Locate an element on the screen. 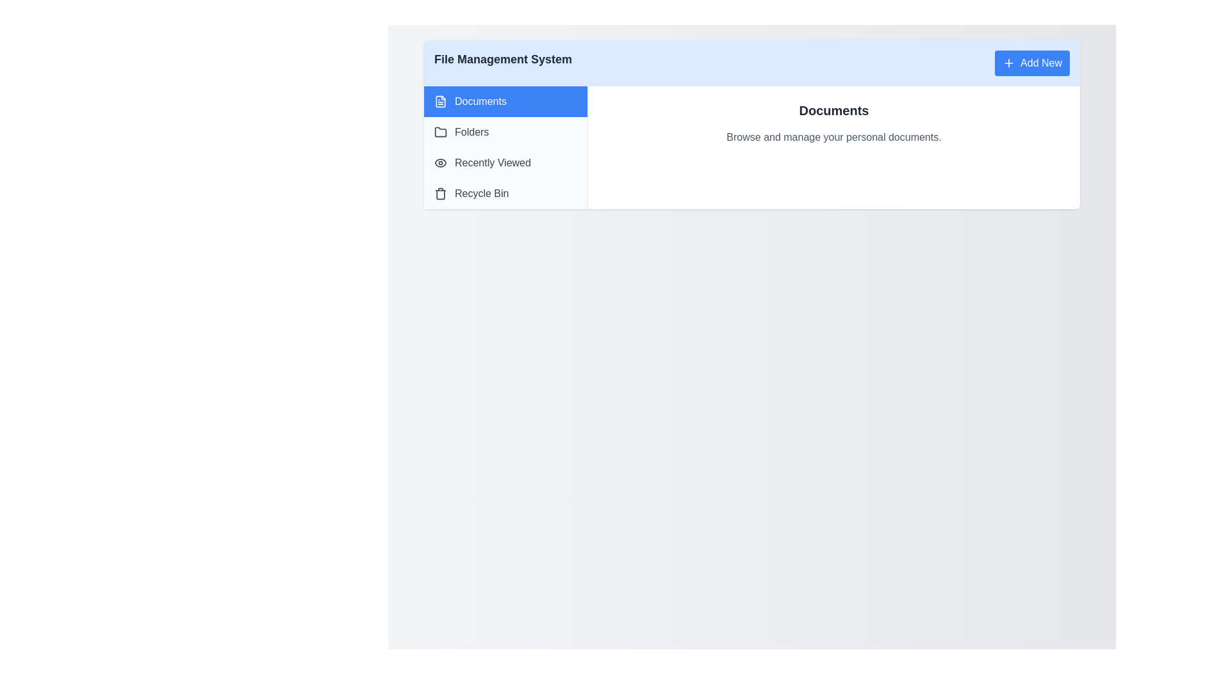  the 'Add New' text label within the button located in the top-right corner of the interface is located at coordinates (1041, 63).